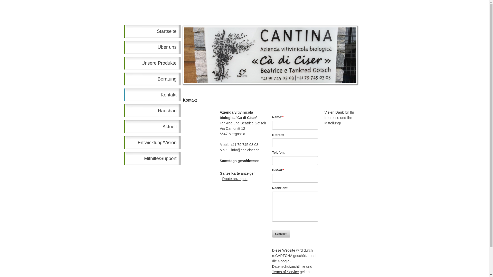 The height and width of the screenshot is (277, 493). What do you see at coordinates (151, 142) in the screenshot?
I see `'Entwicklung/Vision'` at bounding box center [151, 142].